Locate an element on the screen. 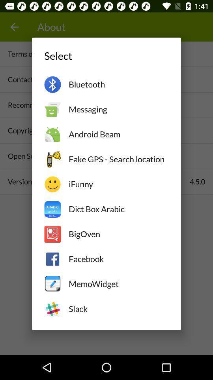 Image resolution: width=213 pixels, height=380 pixels. the android beam icon is located at coordinates (118, 134).